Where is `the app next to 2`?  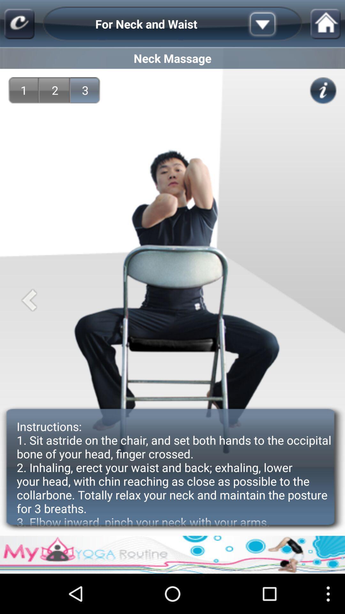 the app next to 2 is located at coordinates (85, 90).